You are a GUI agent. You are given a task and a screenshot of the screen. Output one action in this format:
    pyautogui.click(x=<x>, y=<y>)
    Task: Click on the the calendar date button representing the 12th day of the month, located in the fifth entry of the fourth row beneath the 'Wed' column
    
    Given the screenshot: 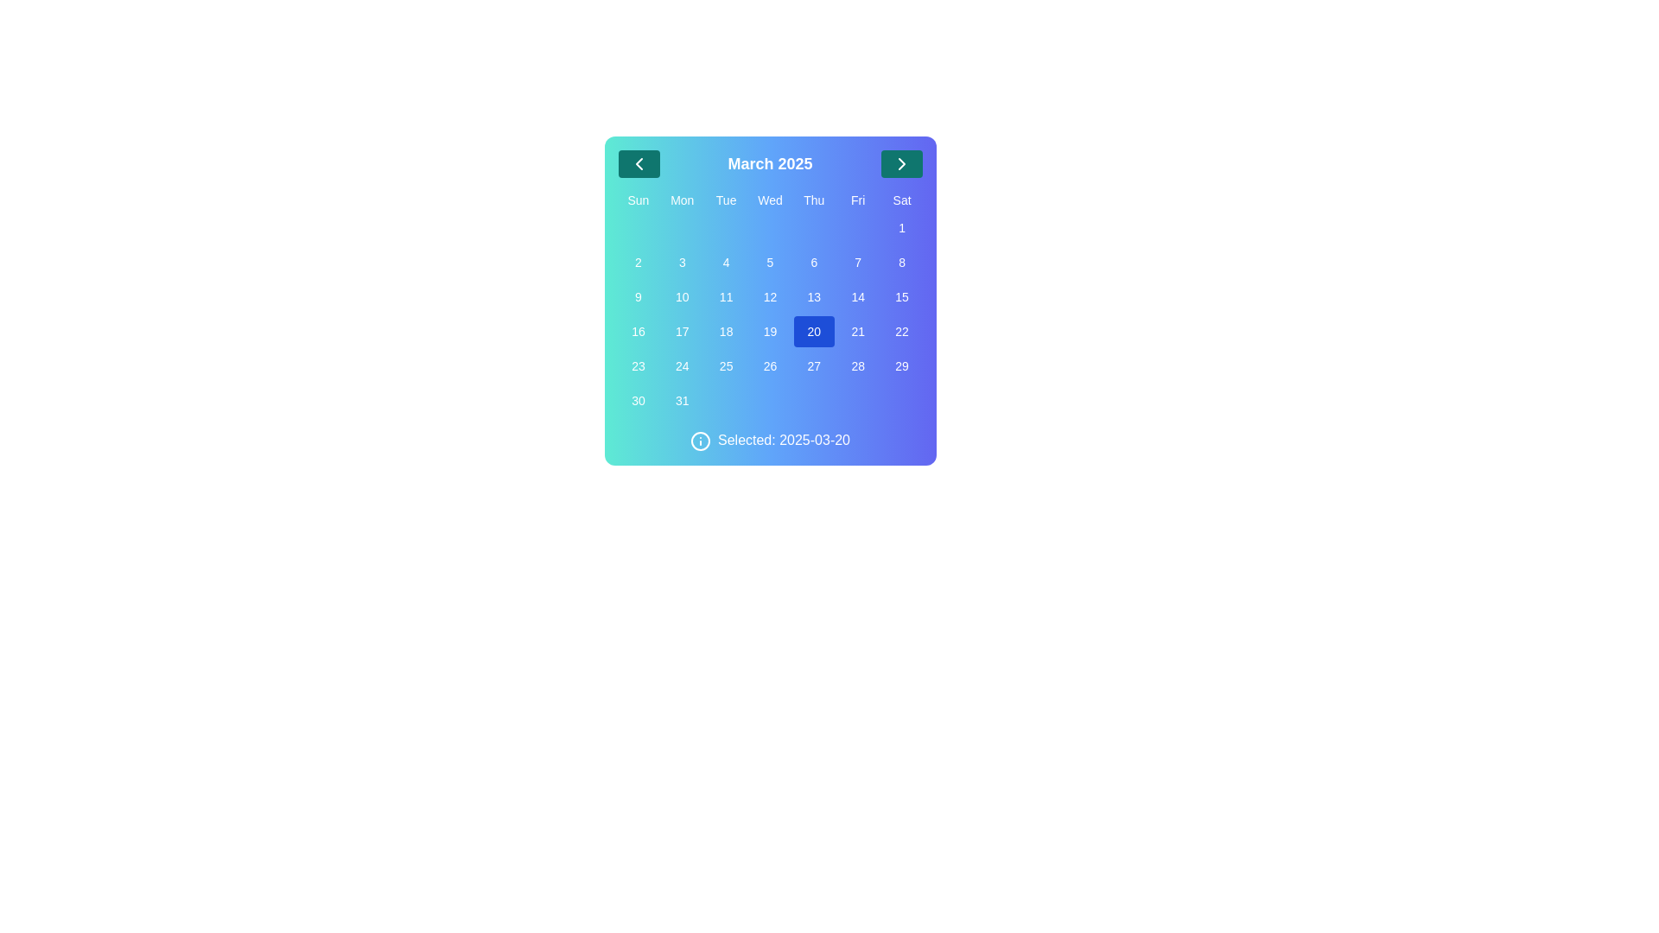 What is the action you would take?
    pyautogui.click(x=769, y=295)
    